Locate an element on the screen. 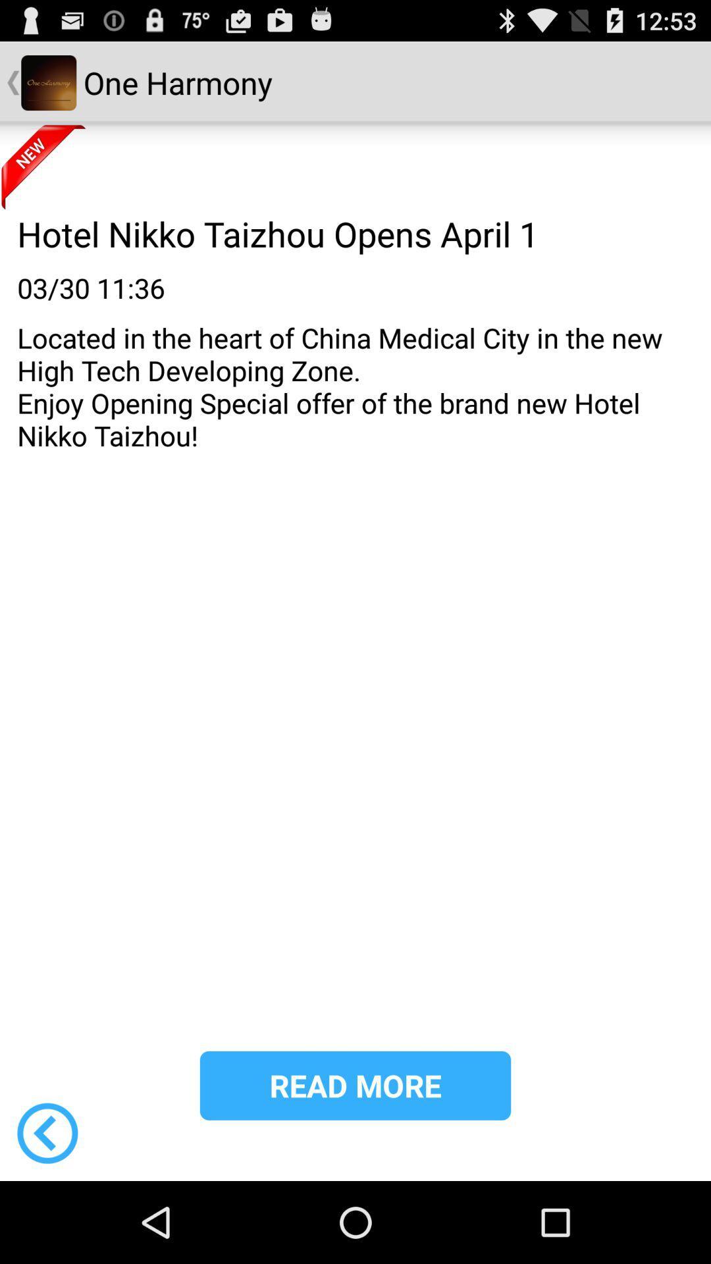 The width and height of the screenshot is (711, 1264). the icon below located in the is located at coordinates (355, 1086).